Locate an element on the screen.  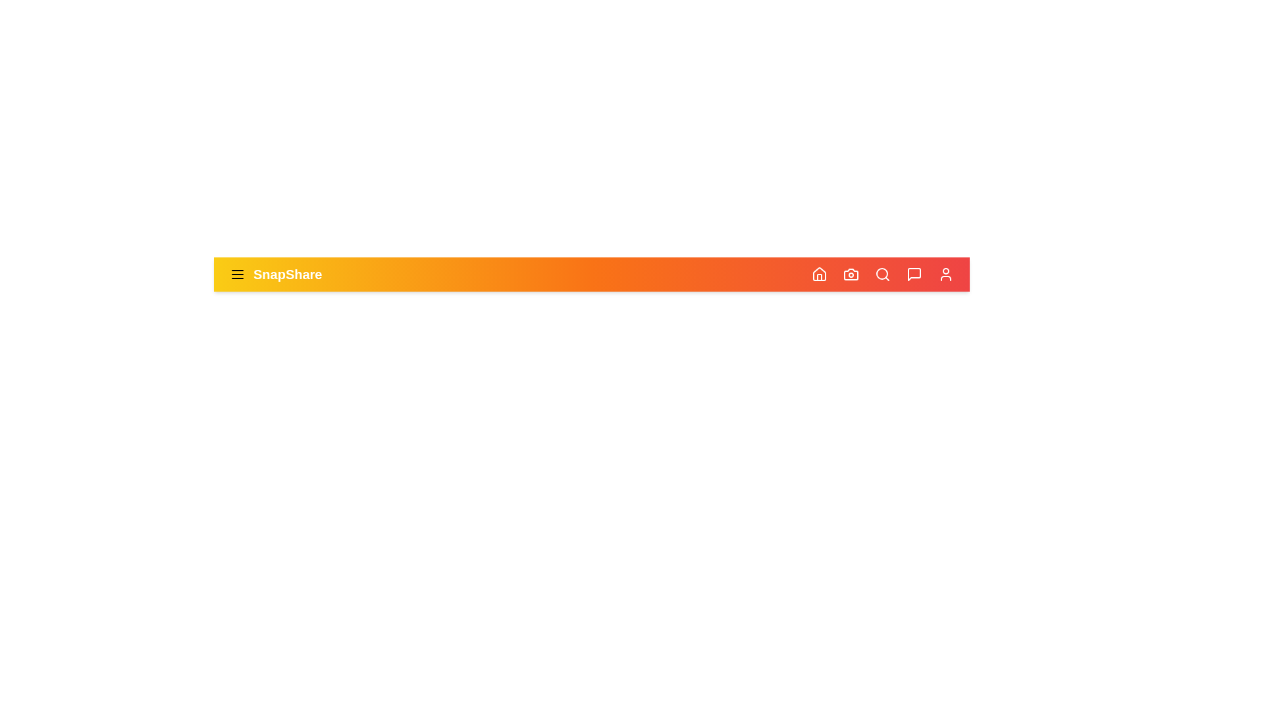
the user icon to open the user profile is located at coordinates (945, 273).